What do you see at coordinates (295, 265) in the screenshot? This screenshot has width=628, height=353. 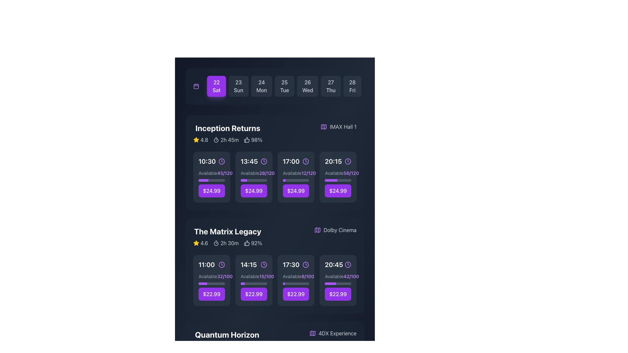 I see `the time option '17:30' displayed in bold white text with a purple clock icon, located in the third position for 'The Matrix Legacy' movie, to enhance accessibility` at bounding box center [295, 265].